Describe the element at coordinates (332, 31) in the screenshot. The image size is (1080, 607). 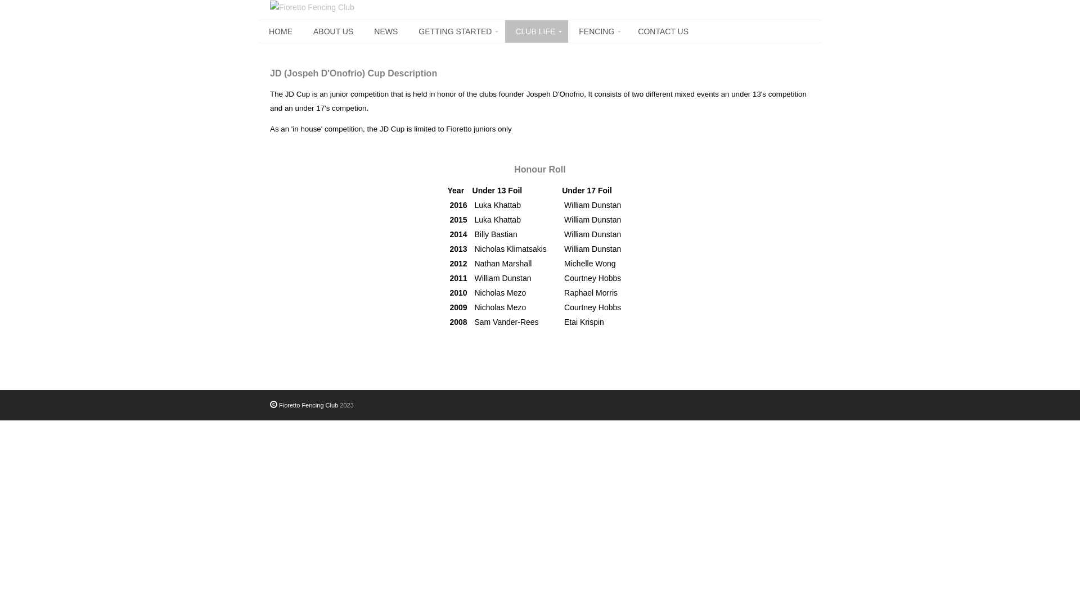
I see `'ABOUT US'` at that location.